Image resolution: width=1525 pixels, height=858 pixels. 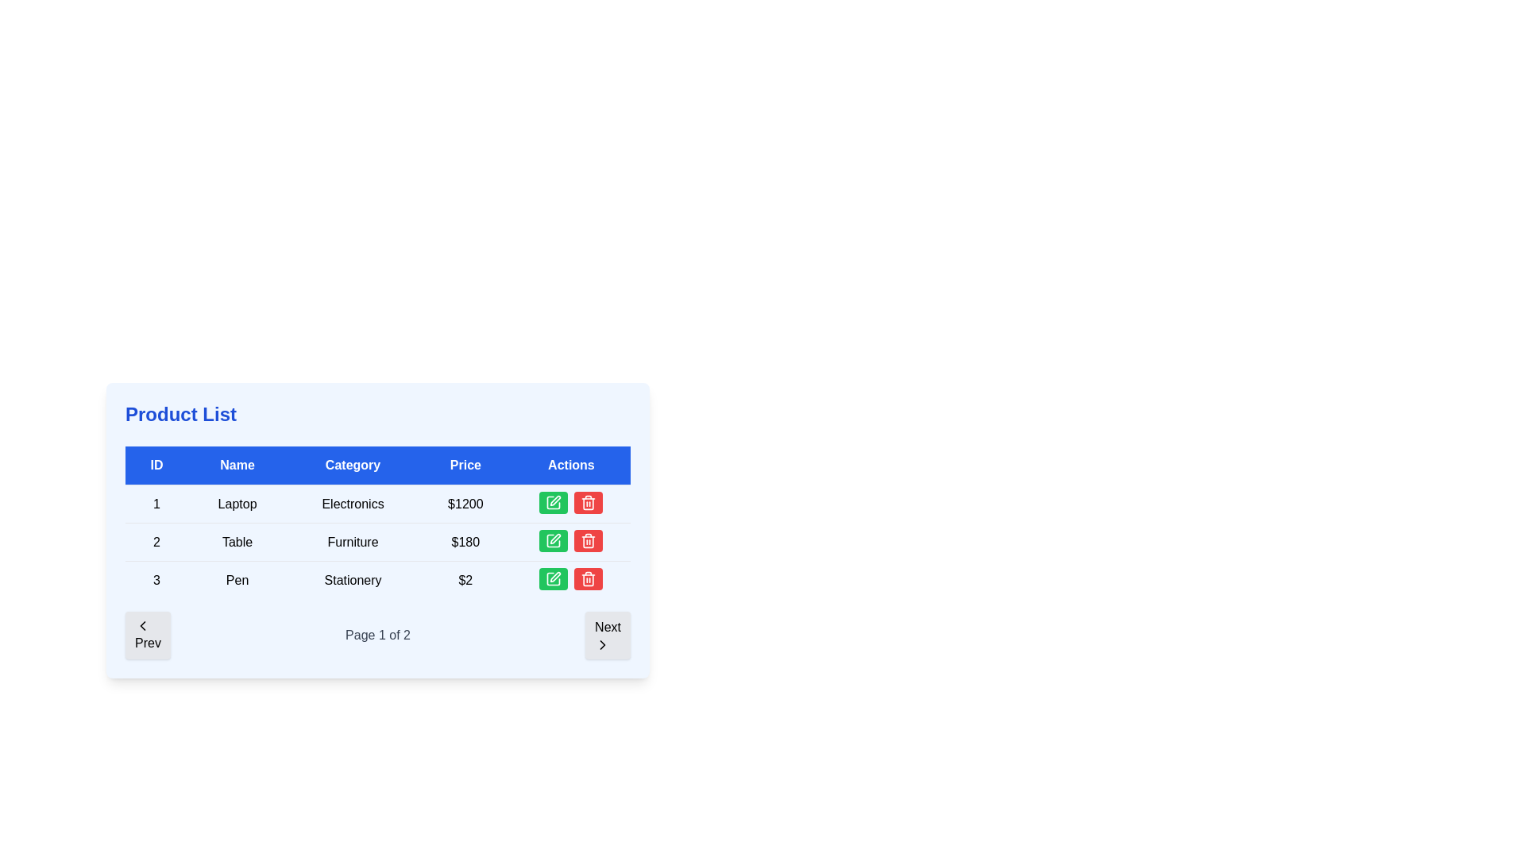 What do you see at coordinates (555, 500) in the screenshot?
I see `the 'edit' button with an icon in the 'Actions' column of the row for the 'Laptop' product` at bounding box center [555, 500].